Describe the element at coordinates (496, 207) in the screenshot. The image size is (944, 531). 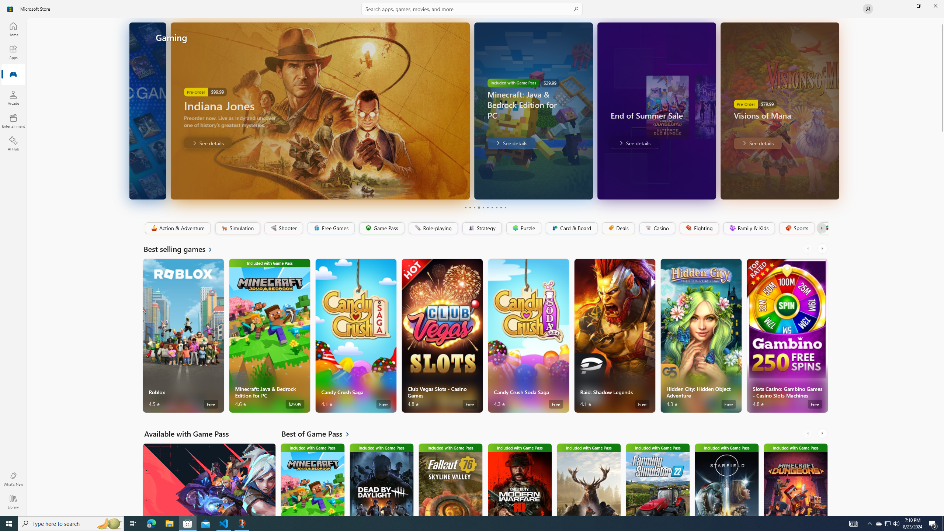
I see `'Page 8'` at that location.